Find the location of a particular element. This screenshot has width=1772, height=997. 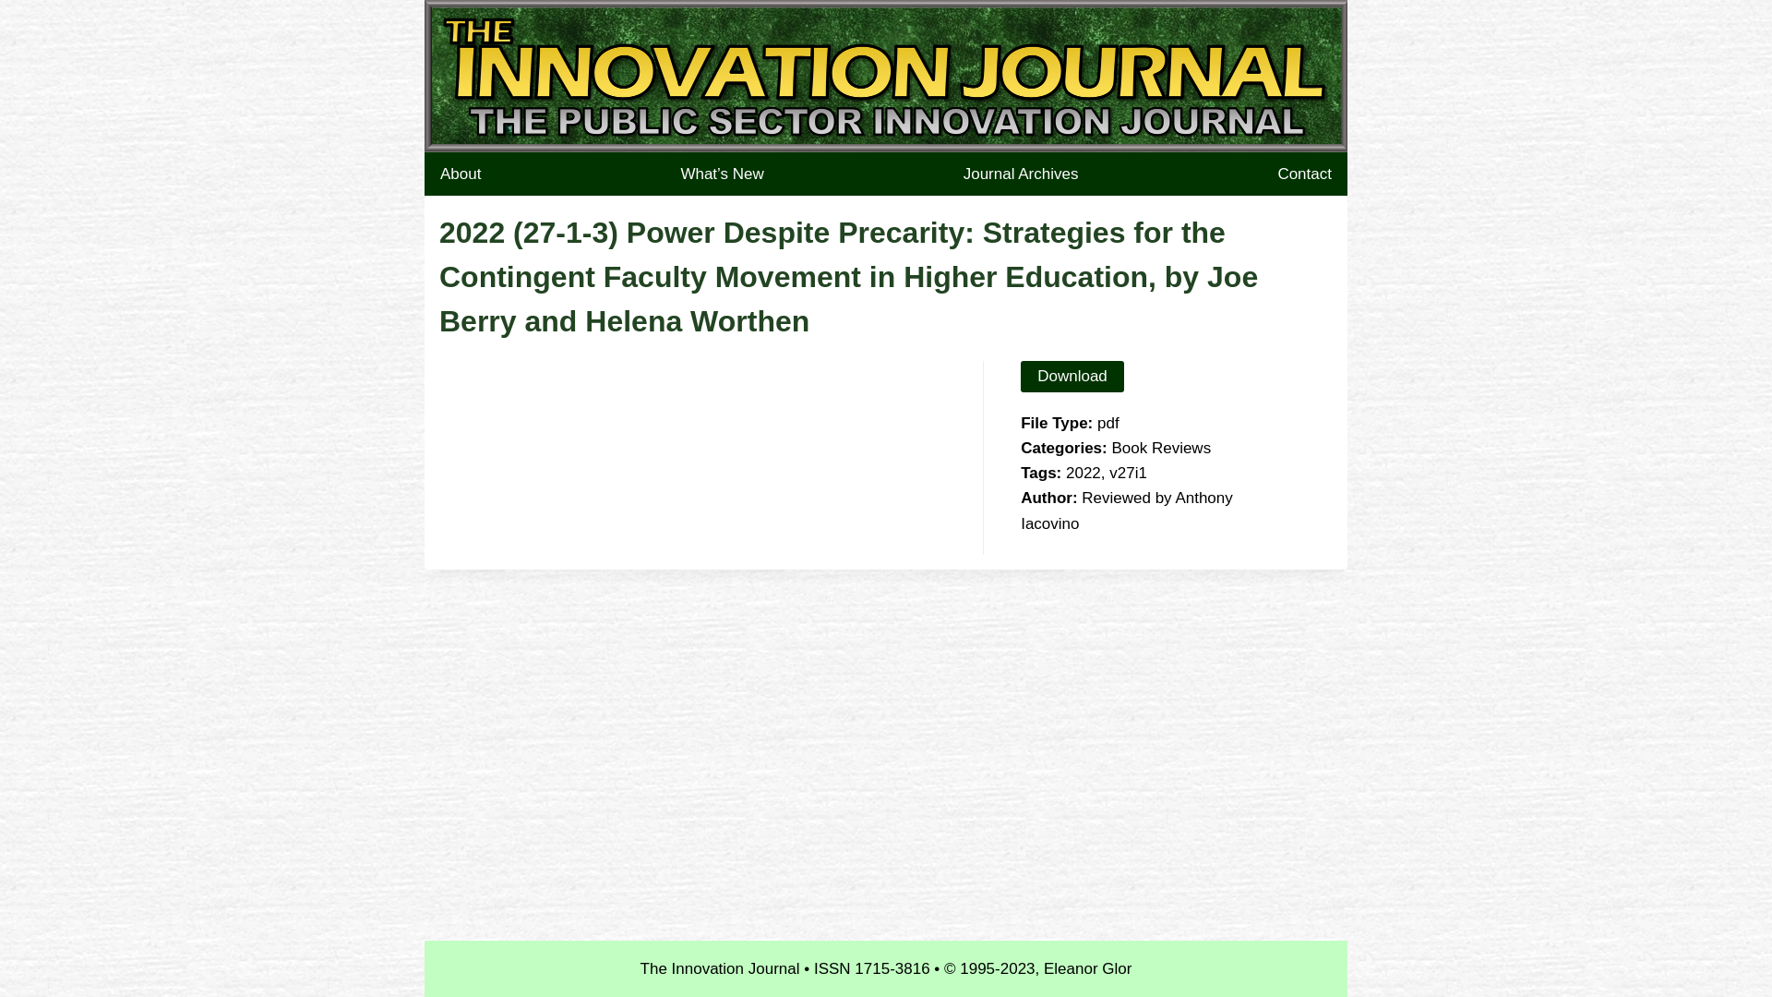

'Journal Archives' is located at coordinates (1020, 174).